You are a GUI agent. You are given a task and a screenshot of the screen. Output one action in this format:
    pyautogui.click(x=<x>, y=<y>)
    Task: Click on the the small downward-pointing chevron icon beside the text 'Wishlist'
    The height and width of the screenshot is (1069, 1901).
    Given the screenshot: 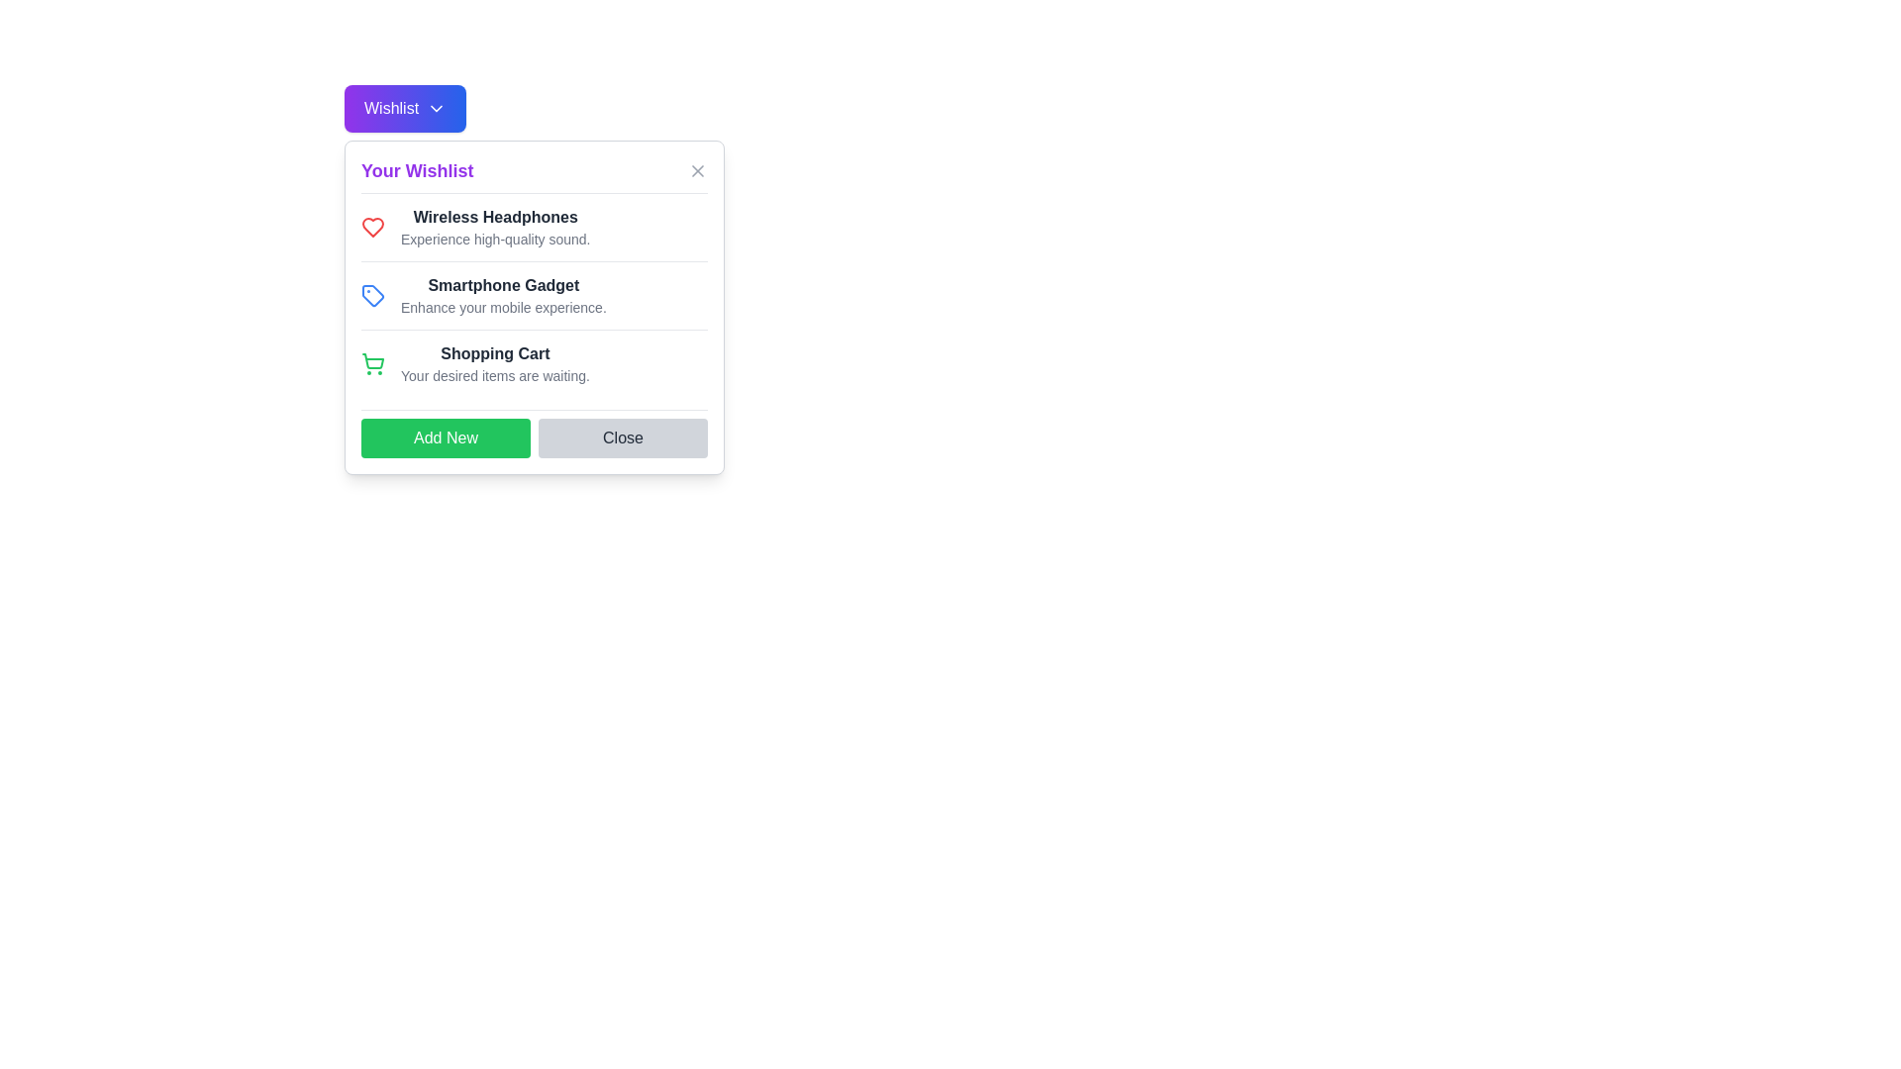 What is the action you would take?
    pyautogui.click(x=436, y=109)
    